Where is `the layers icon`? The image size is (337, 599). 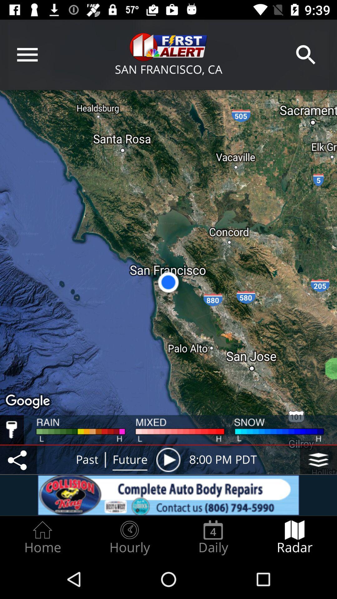 the layers icon is located at coordinates (318, 460).